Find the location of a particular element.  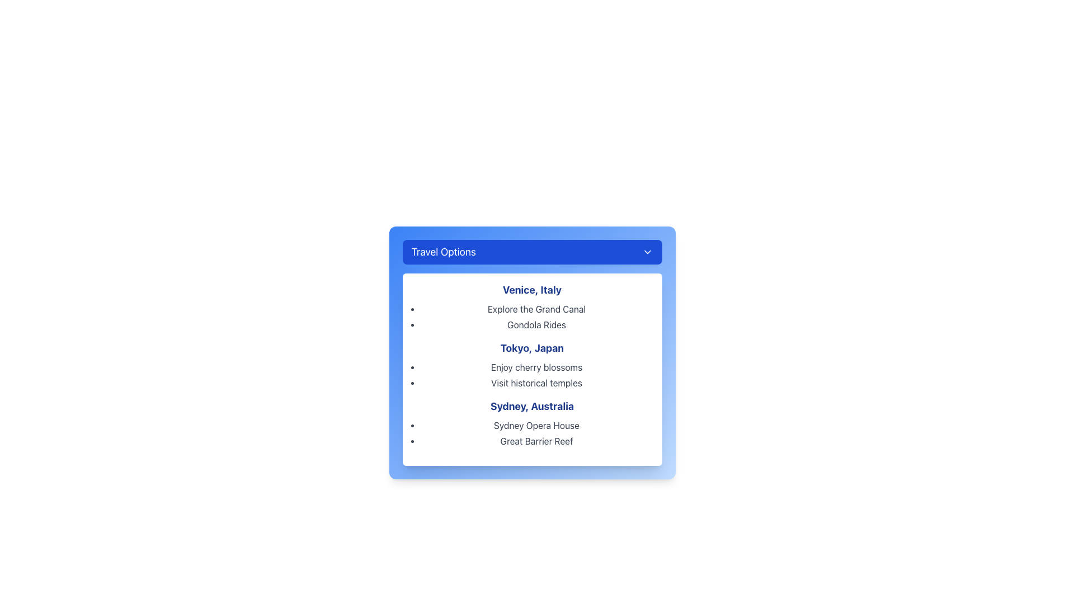

text from the bullet point list under the title 'Tokyo, Japan', which includes 'Enjoy cherry blossoms' and 'Visit historical temples' is located at coordinates (536, 375).